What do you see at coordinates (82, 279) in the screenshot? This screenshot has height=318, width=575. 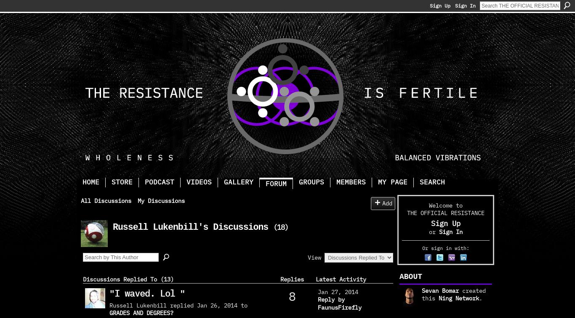 I see `'Discussions Replied To (13)'` at bounding box center [82, 279].